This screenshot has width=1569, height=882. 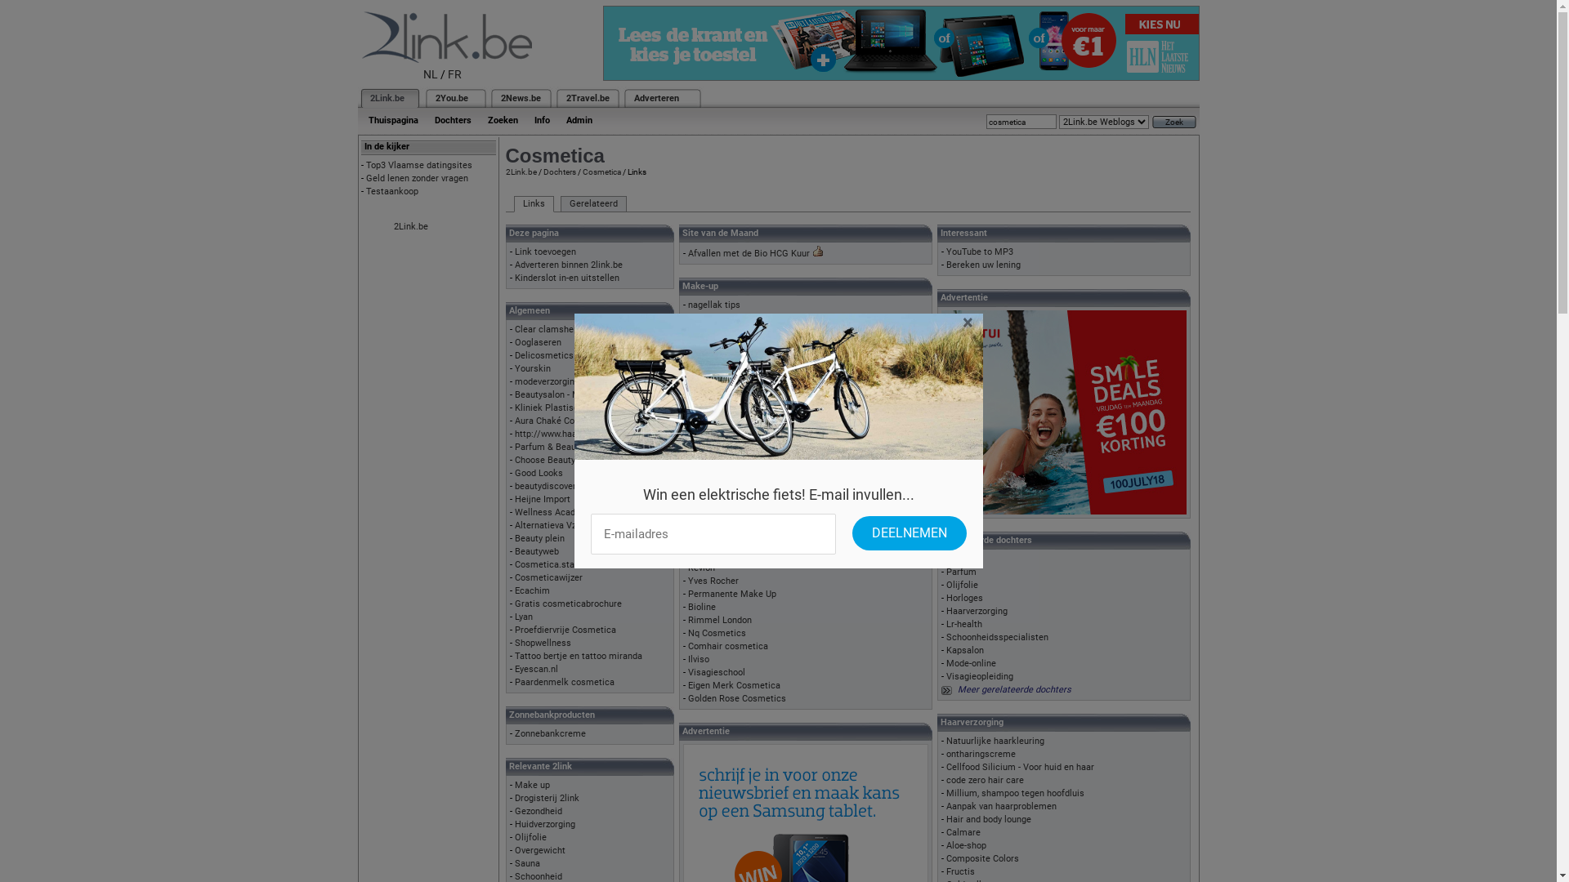 What do you see at coordinates (579, 655) in the screenshot?
I see `'Tattoo bertje en tattoo miranda'` at bounding box center [579, 655].